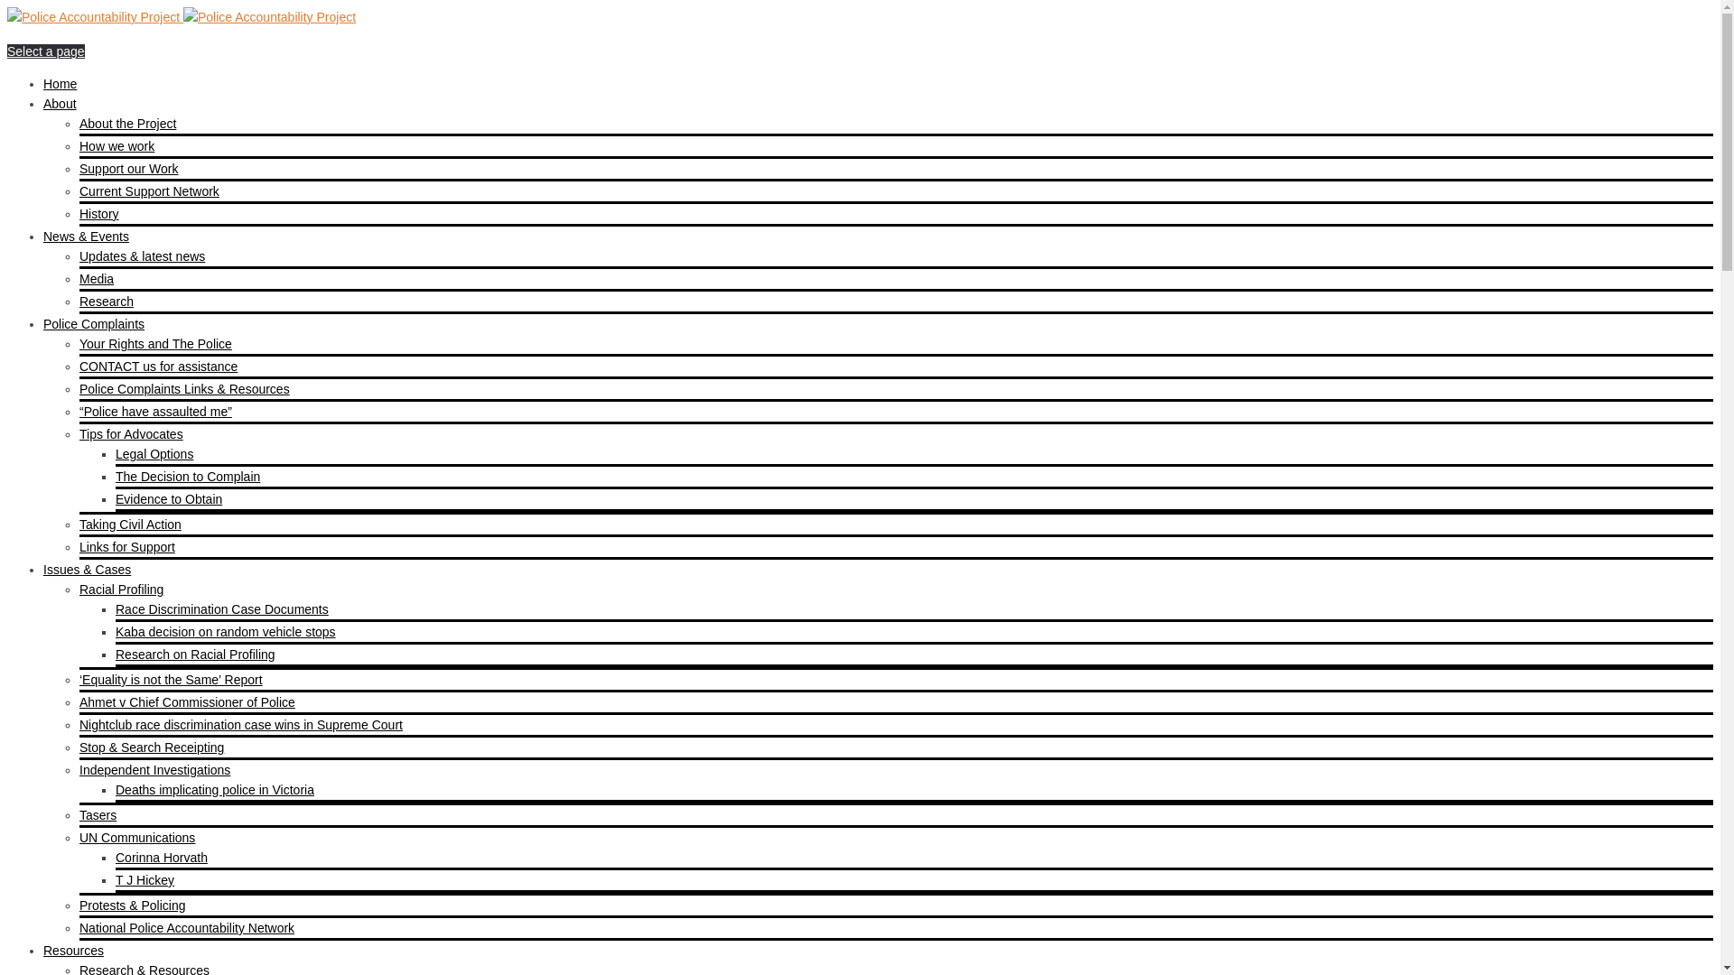 Image resolution: width=1734 pixels, height=975 pixels. I want to click on 'Kaba decision on random vehicle stops', so click(224, 630).